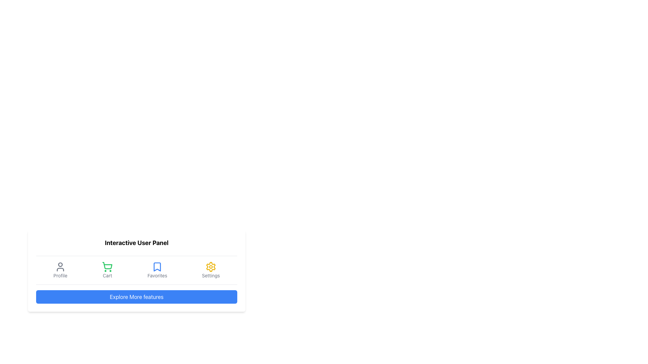  I want to click on text label 'Favorites' which is styled in gray and positioned below the bookmark icon in the menu options, so click(157, 275).